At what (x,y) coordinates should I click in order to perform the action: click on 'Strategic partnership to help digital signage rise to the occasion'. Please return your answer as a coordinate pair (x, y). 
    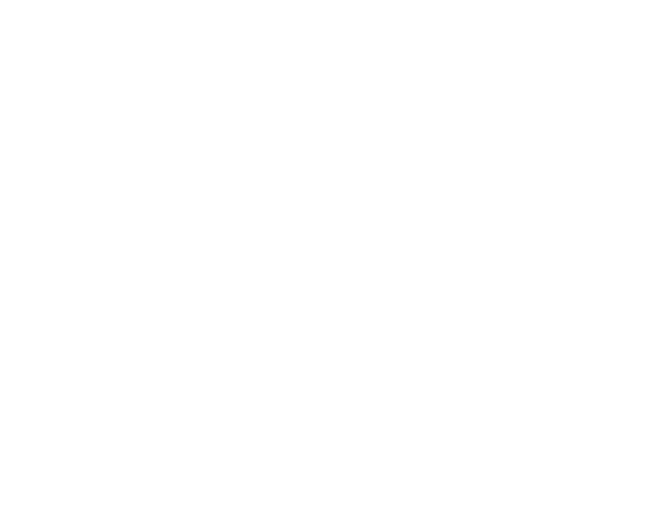
    Looking at the image, I should click on (529, 359).